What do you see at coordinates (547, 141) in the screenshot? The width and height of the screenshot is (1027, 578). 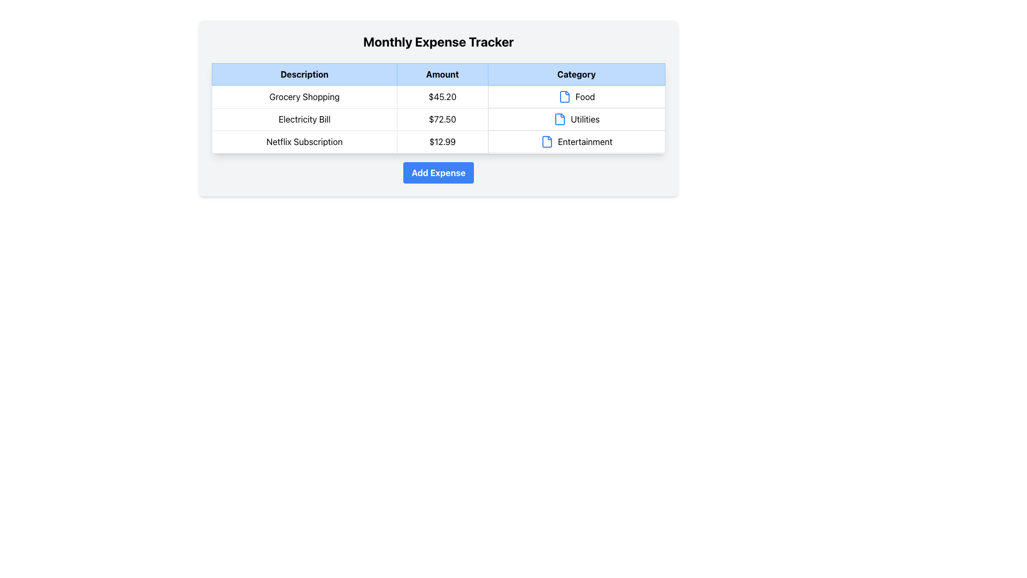 I see `the 'Entertainment' category icon located in the 'Category' column of the 'Netflix Subscription' row in the table, as it supports interaction` at bounding box center [547, 141].